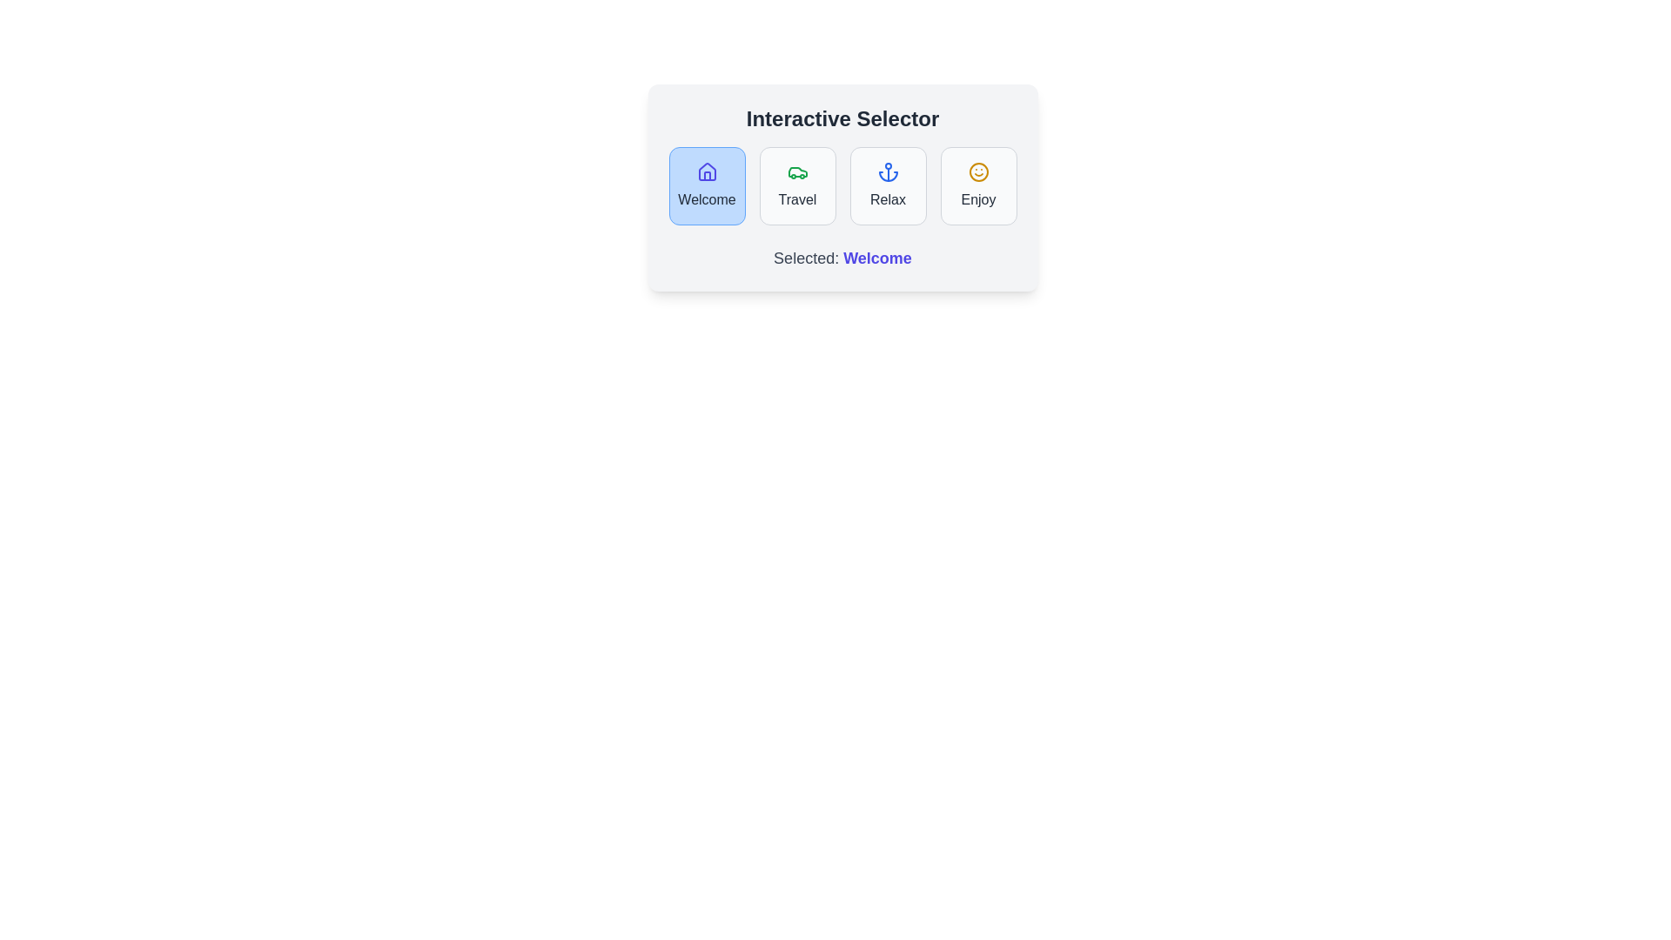  What do you see at coordinates (888, 199) in the screenshot?
I see `the text label indicating the purpose of the 'Relax' button, which is located below the anchor icon in the third button from the left in a horizontal row of four buttons` at bounding box center [888, 199].